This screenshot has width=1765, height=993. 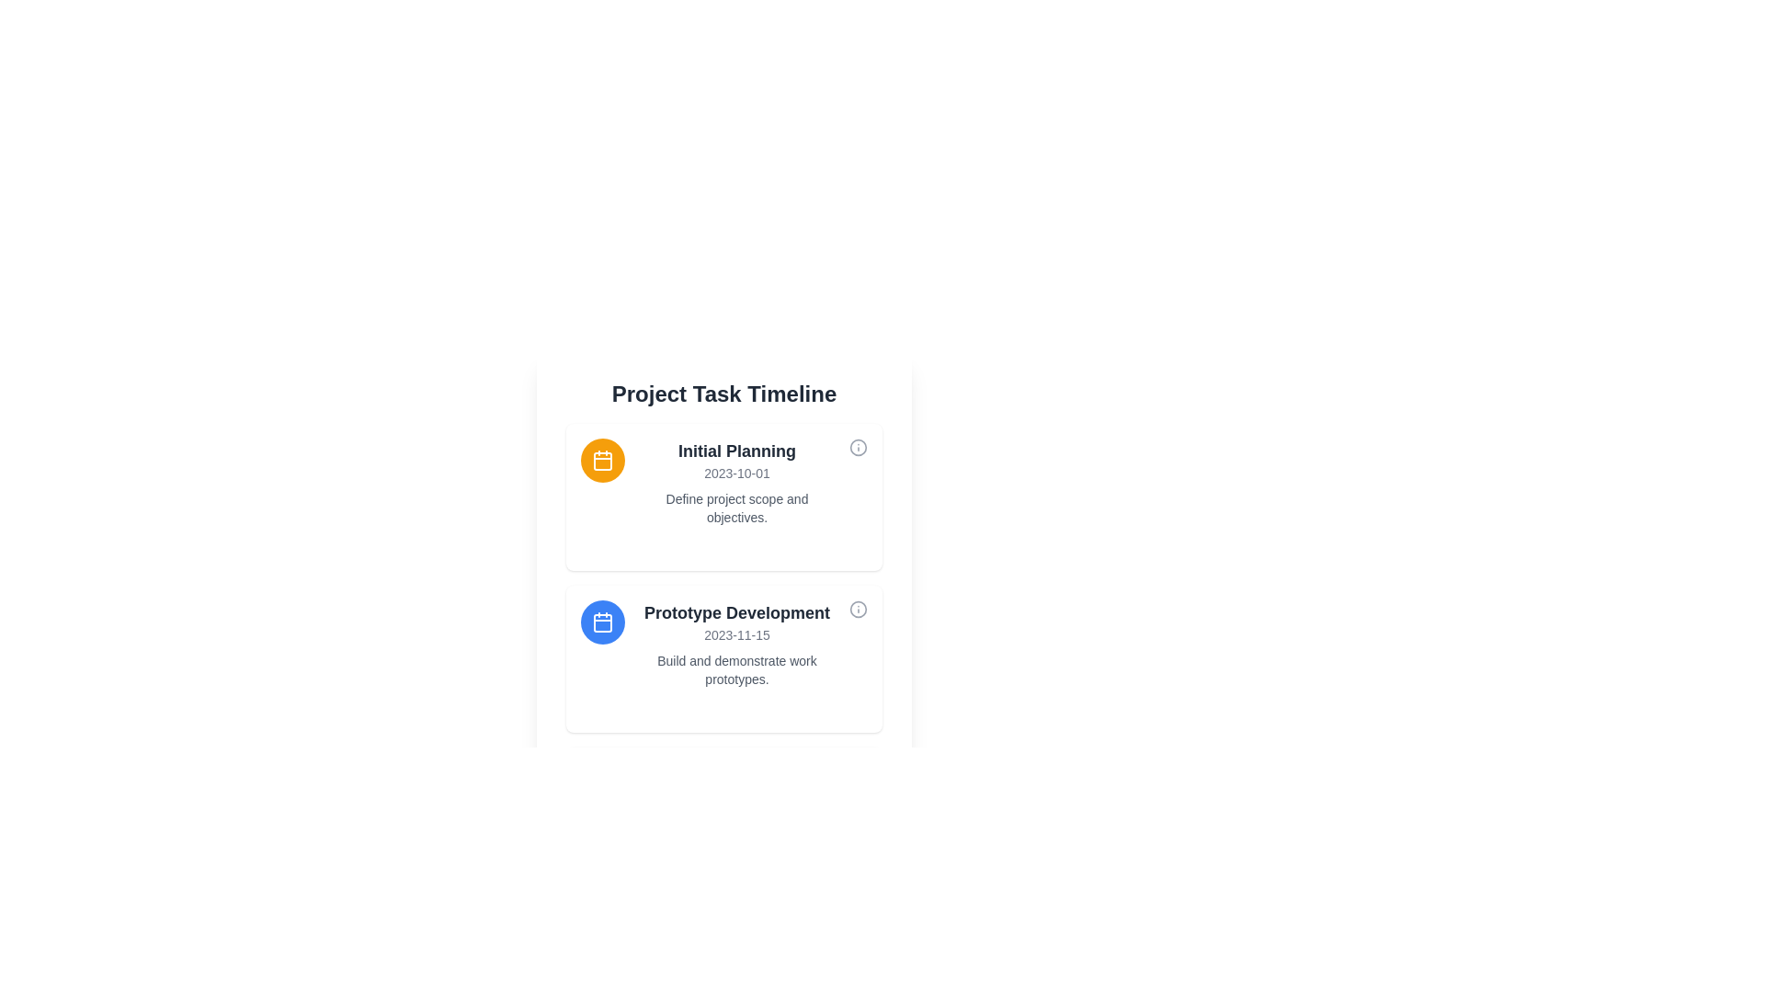 I want to click on the small circular icon with a light gray outline located at the top-right corner of the 'Initial Planning' task card, so click(x=858, y=450).